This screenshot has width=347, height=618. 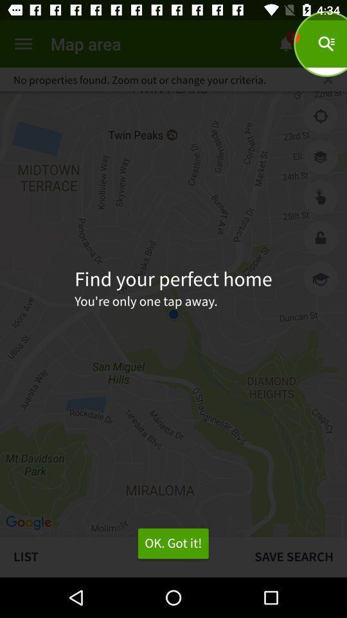 I want to click on show layers, so click(x=320, y=156).